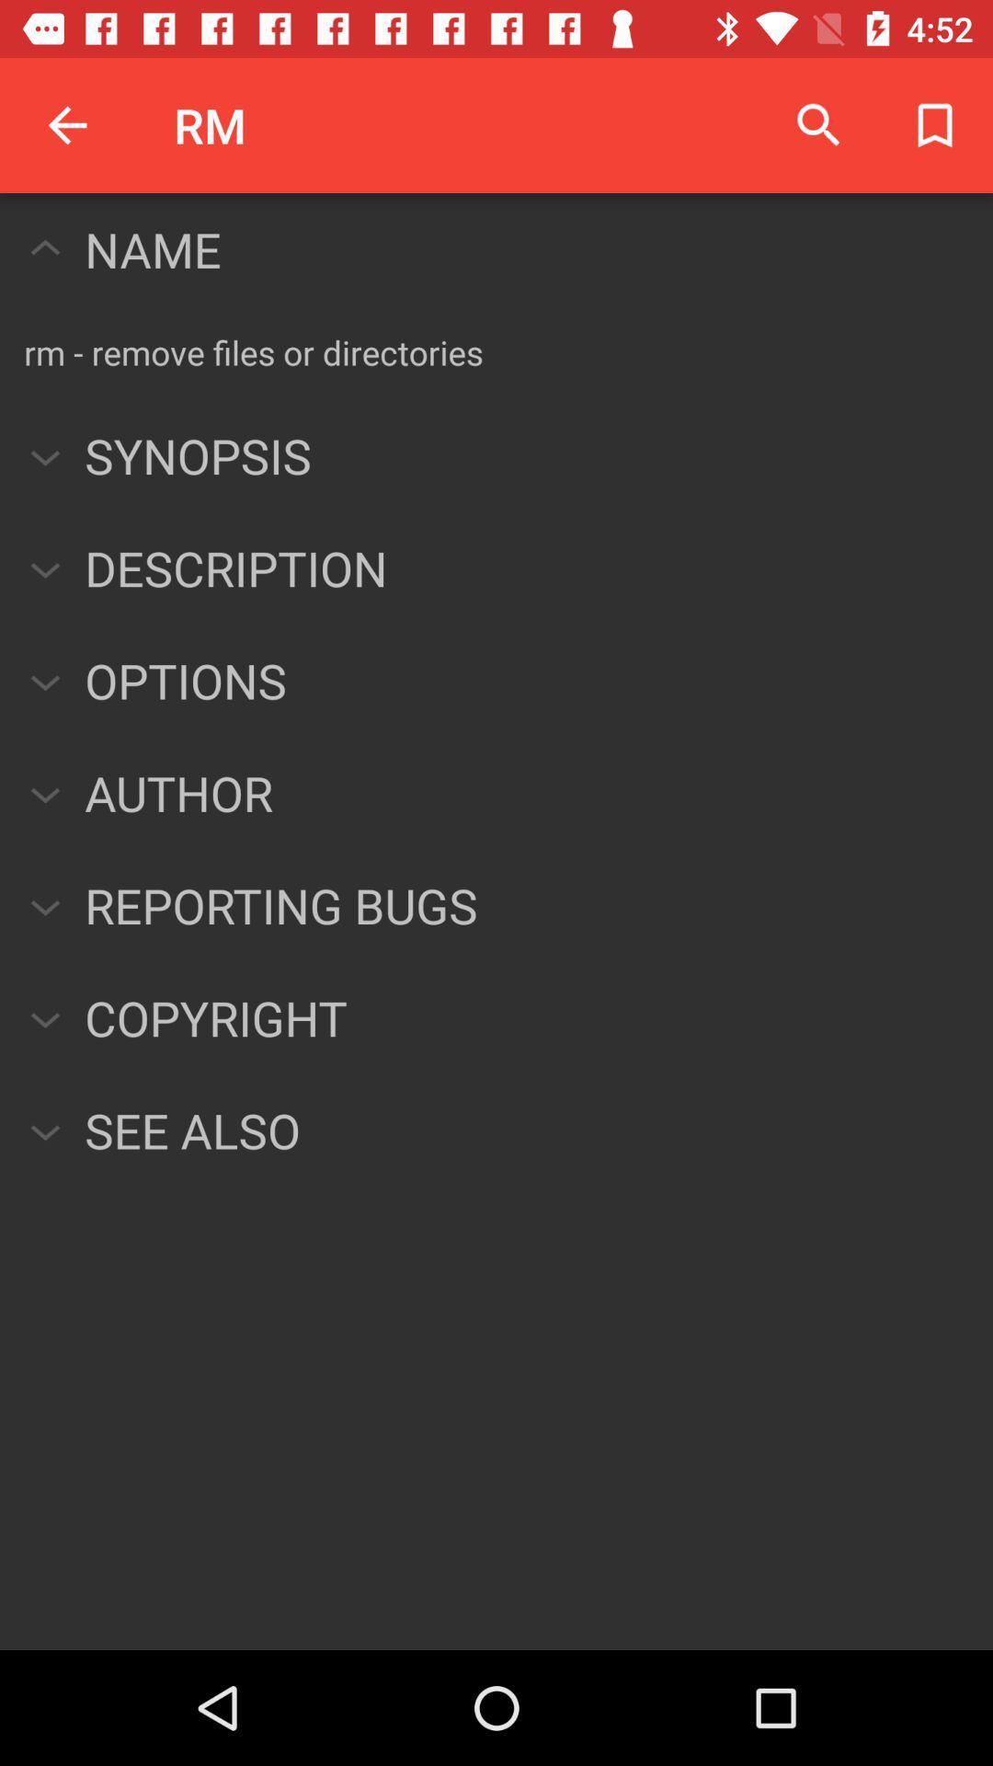  Describe the element at coordinates (254, 352) in the screenshot. I see `the rm remove files icon` at that location.